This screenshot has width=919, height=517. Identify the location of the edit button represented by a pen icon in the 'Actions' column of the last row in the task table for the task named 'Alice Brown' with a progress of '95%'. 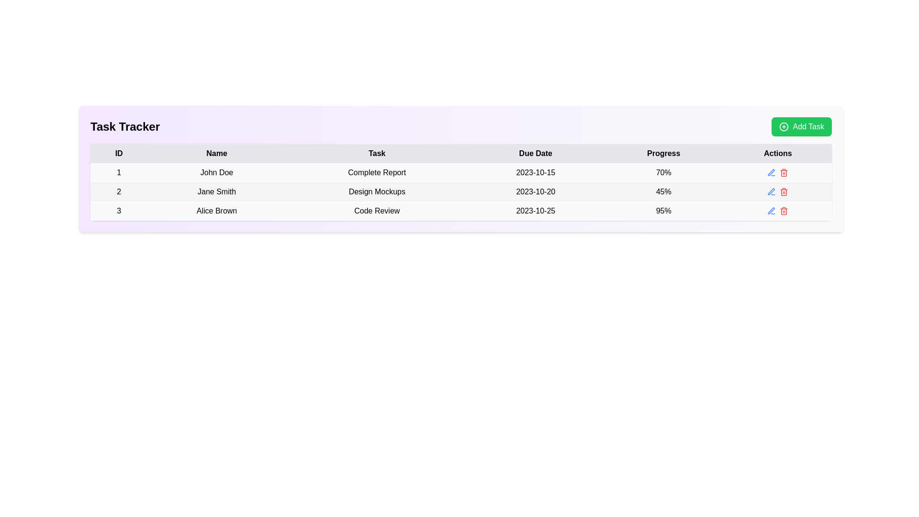
(772, 210).